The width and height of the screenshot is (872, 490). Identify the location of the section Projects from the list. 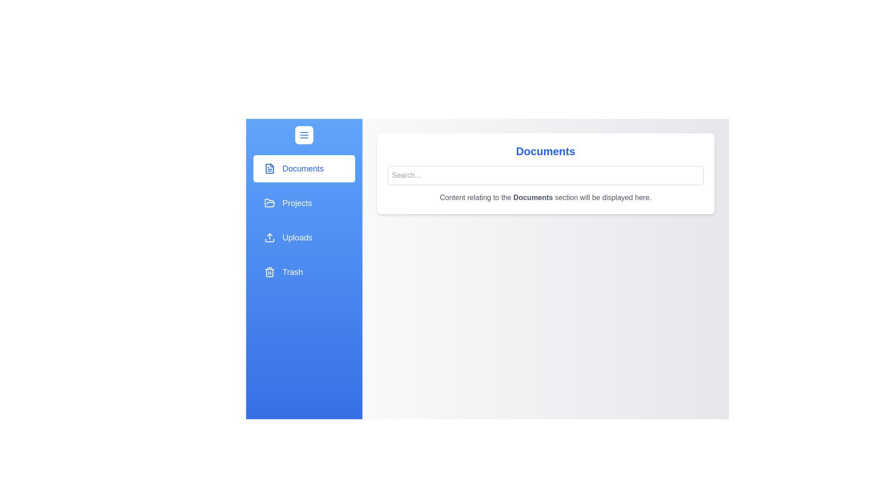
(304, 202).